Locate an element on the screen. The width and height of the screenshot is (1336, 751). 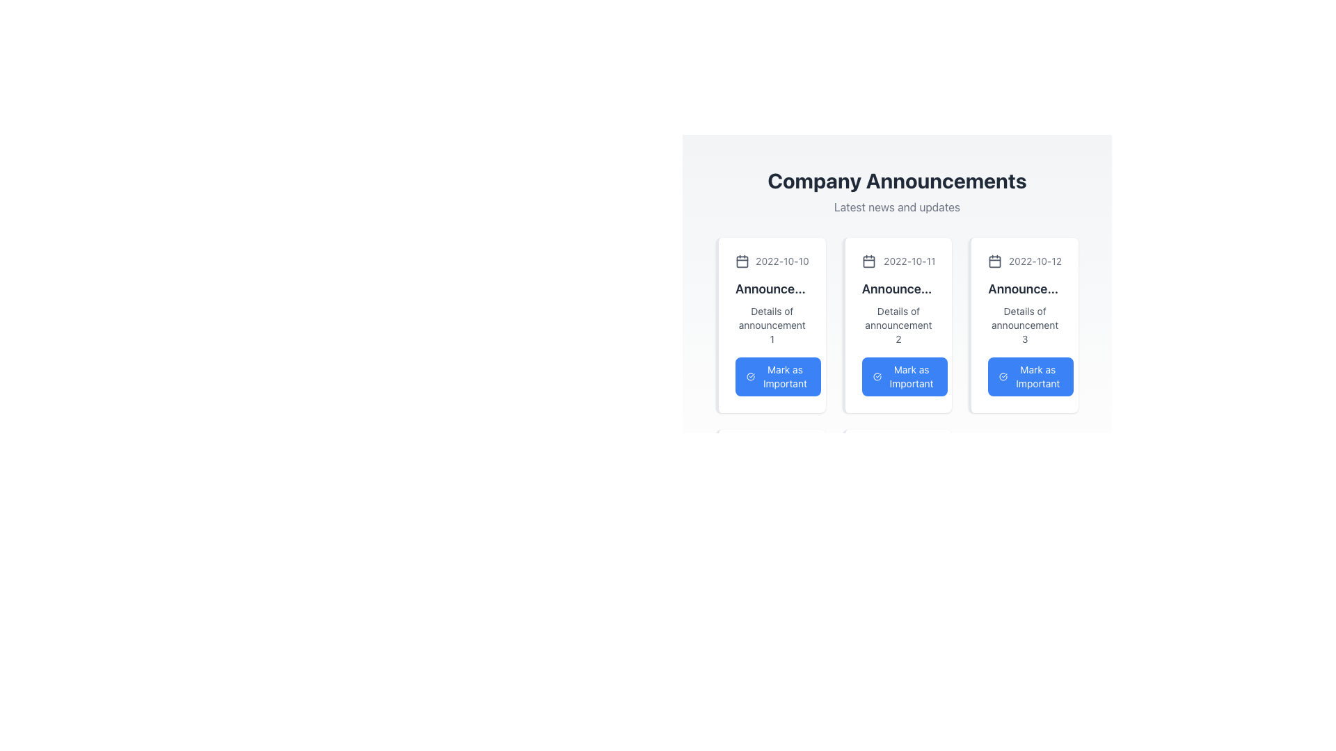
text label displaying 'Details of announcement 3', which is styled with a gray font and positioned below the heading text and above a button within the card layout for the announcement date '2022-10-12' is located at coordinates (1025, 325).